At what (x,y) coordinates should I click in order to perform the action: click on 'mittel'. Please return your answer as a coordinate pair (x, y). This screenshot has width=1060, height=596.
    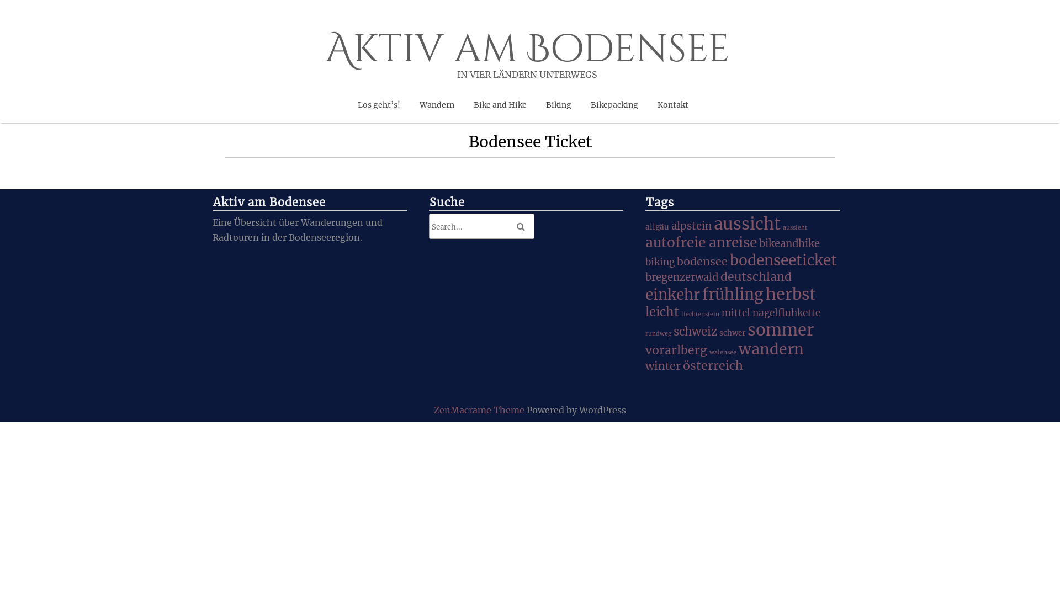
    Looking at the image, I should click on (736, 313).